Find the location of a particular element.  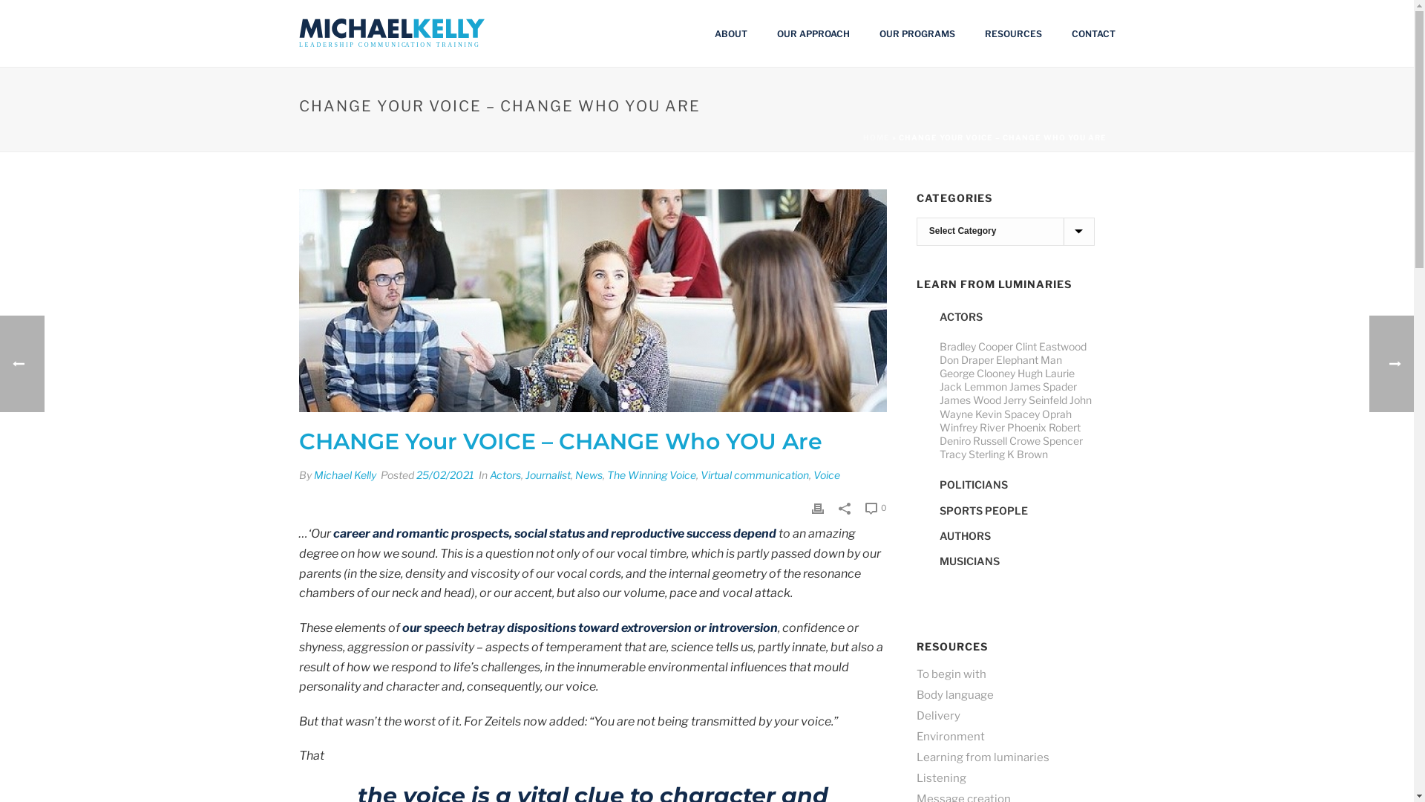

'OUR PROGRAMS' is located at coordinates (915, 33).